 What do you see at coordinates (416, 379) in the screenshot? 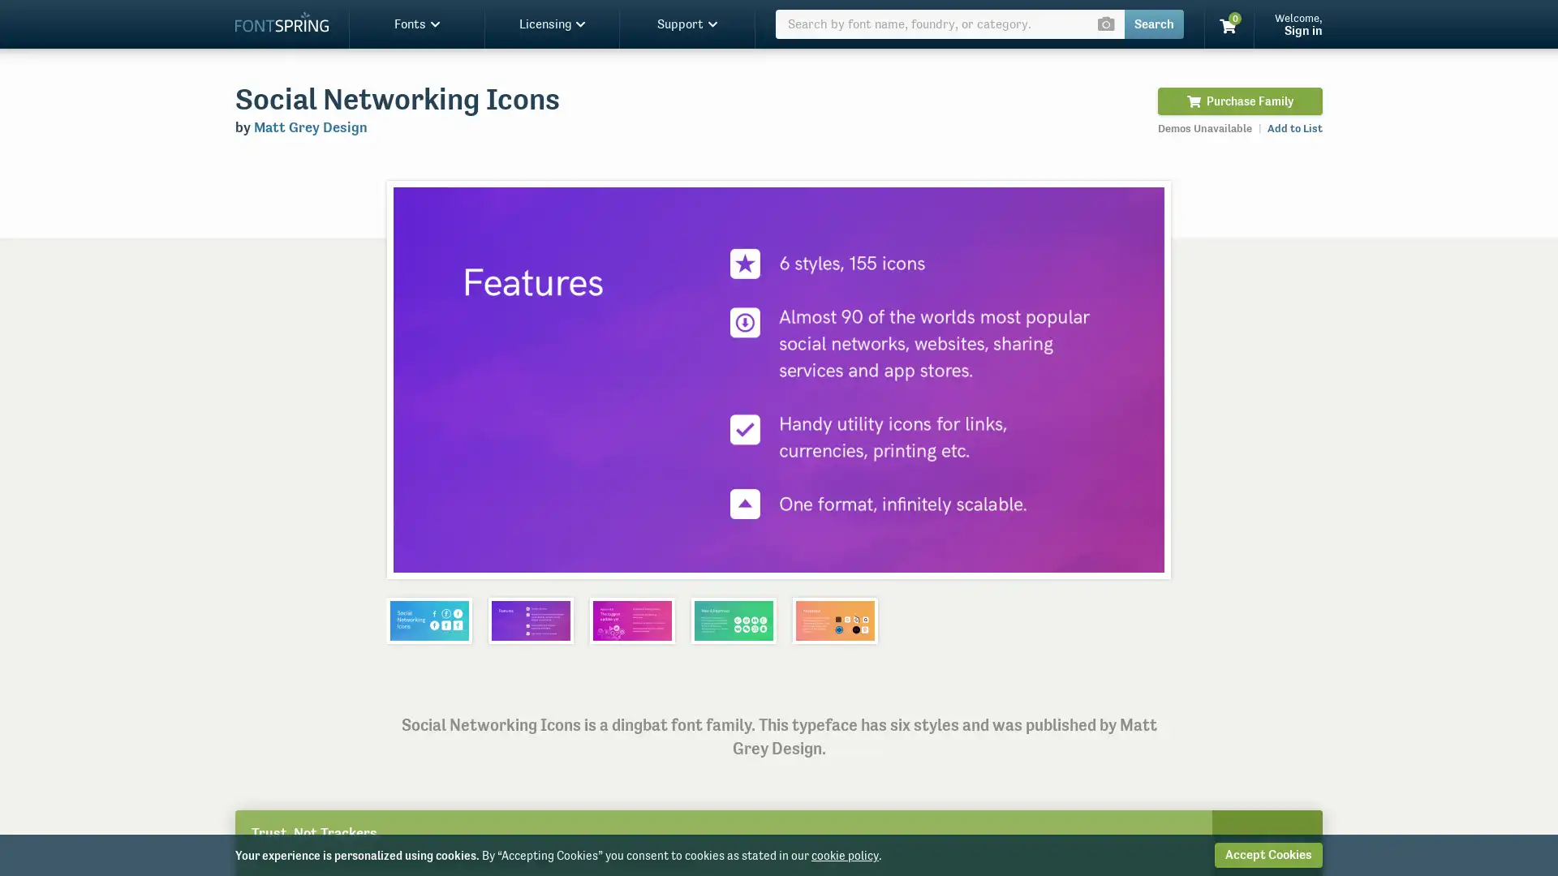
I see `Previous slide` at bounding box center [416, 379].